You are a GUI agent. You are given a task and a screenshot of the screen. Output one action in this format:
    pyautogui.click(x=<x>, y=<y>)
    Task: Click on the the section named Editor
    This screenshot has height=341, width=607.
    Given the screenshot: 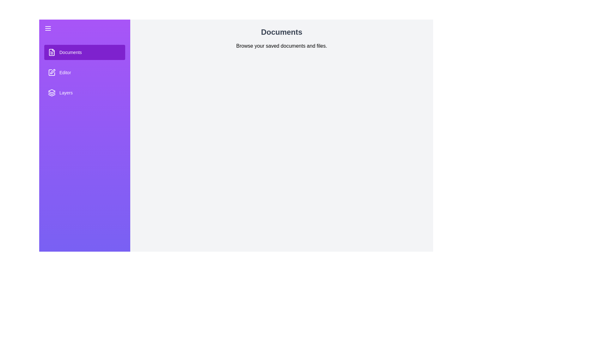 What is the action you would take?
    pyautogui.click(x=84, y=72)
    